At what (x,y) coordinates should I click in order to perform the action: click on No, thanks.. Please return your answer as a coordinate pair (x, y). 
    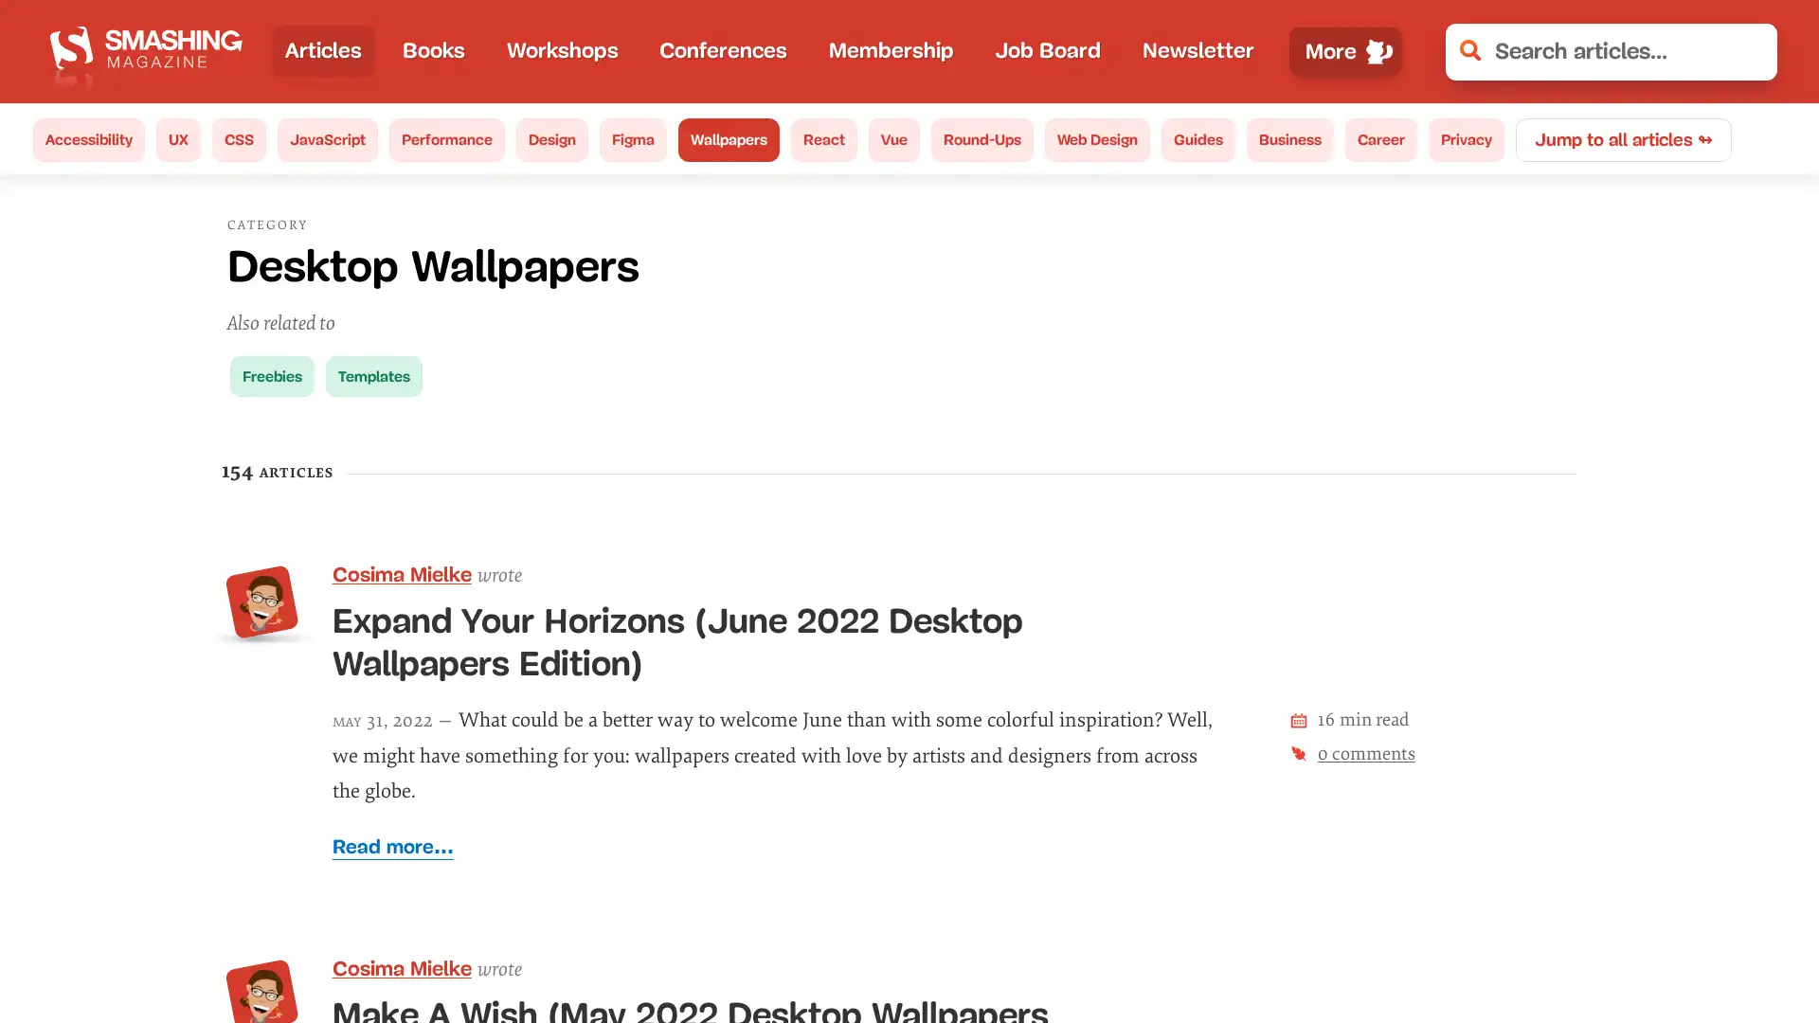
    Looking at the image, I should click on (1492, 946).